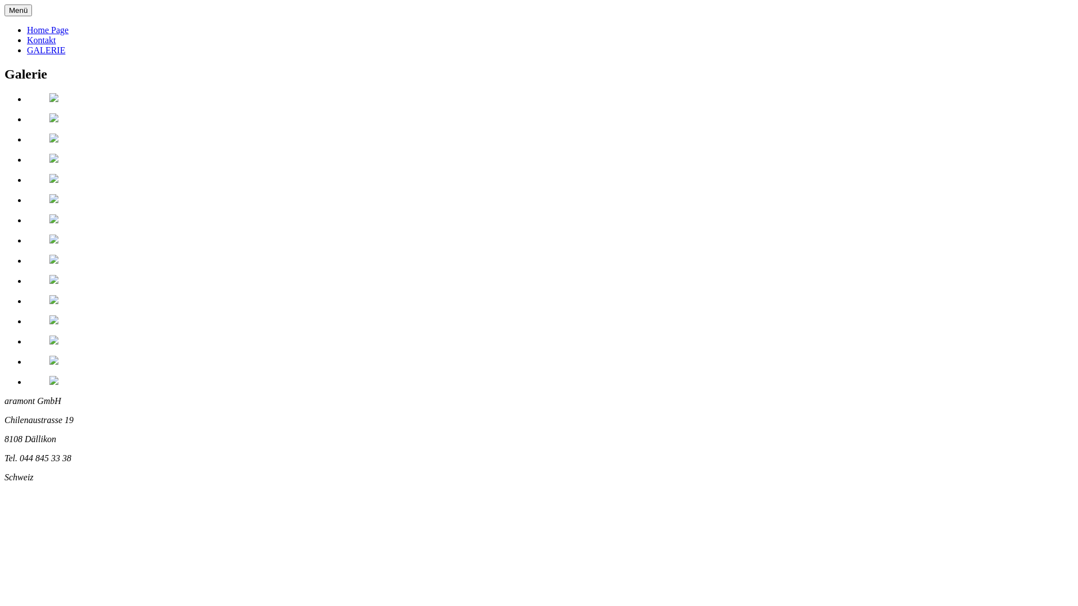  I want to click on 'Kontakt', so click(41, 39).